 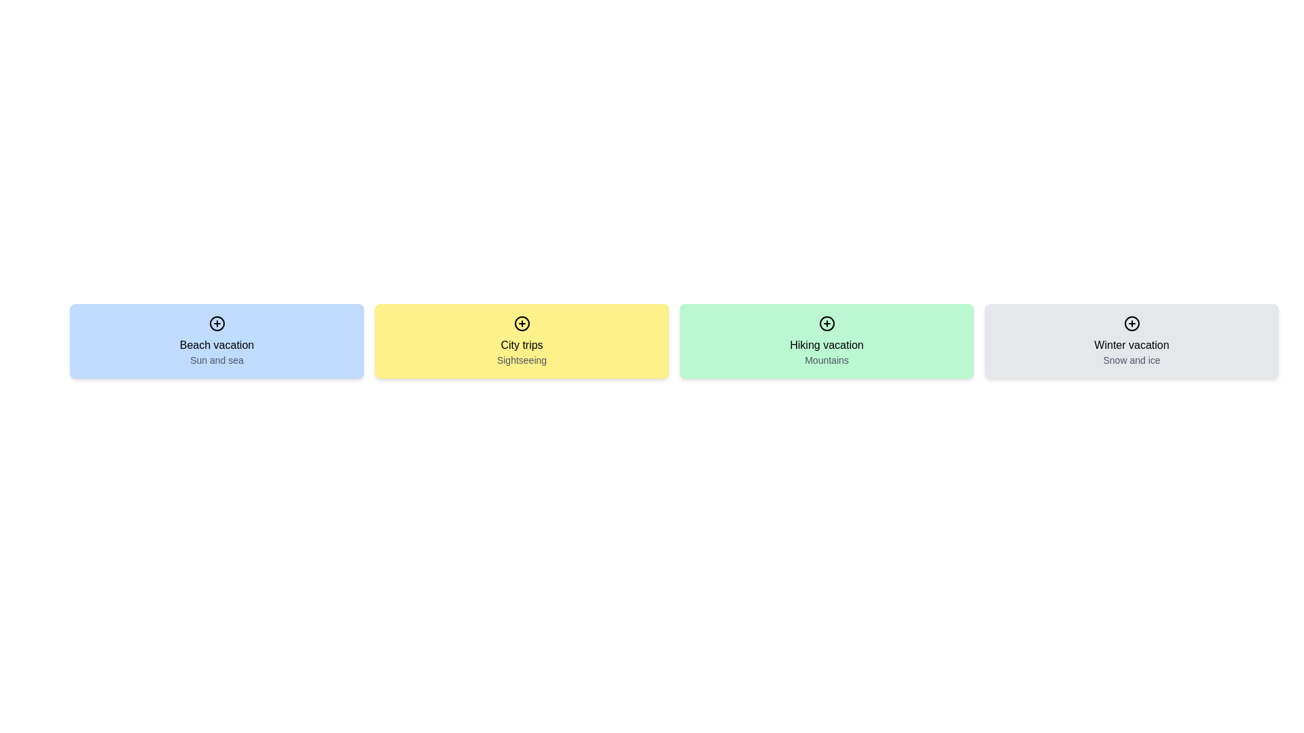 What do you see at coordinates (216, 360) in the screenshot?
I see `text label displaying 'Sun and sea' which is located beneath the 'Beach vacation' title in a blue background card` at bounding box center [216, 360].